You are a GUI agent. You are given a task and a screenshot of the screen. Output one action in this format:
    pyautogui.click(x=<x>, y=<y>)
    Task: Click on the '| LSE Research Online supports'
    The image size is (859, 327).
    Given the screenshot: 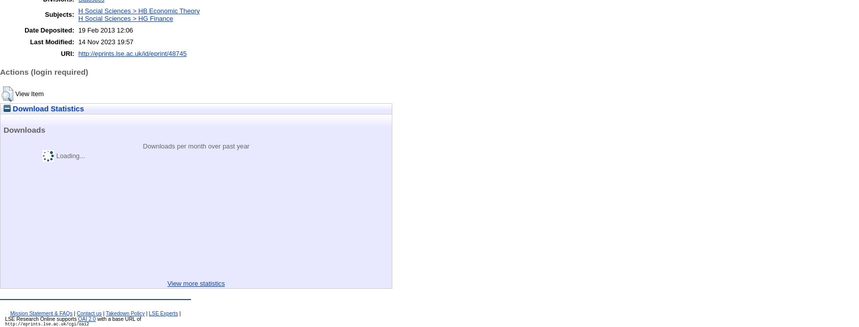 What is the action you would take?
    pyautogui.click(x=4, y=315)
    